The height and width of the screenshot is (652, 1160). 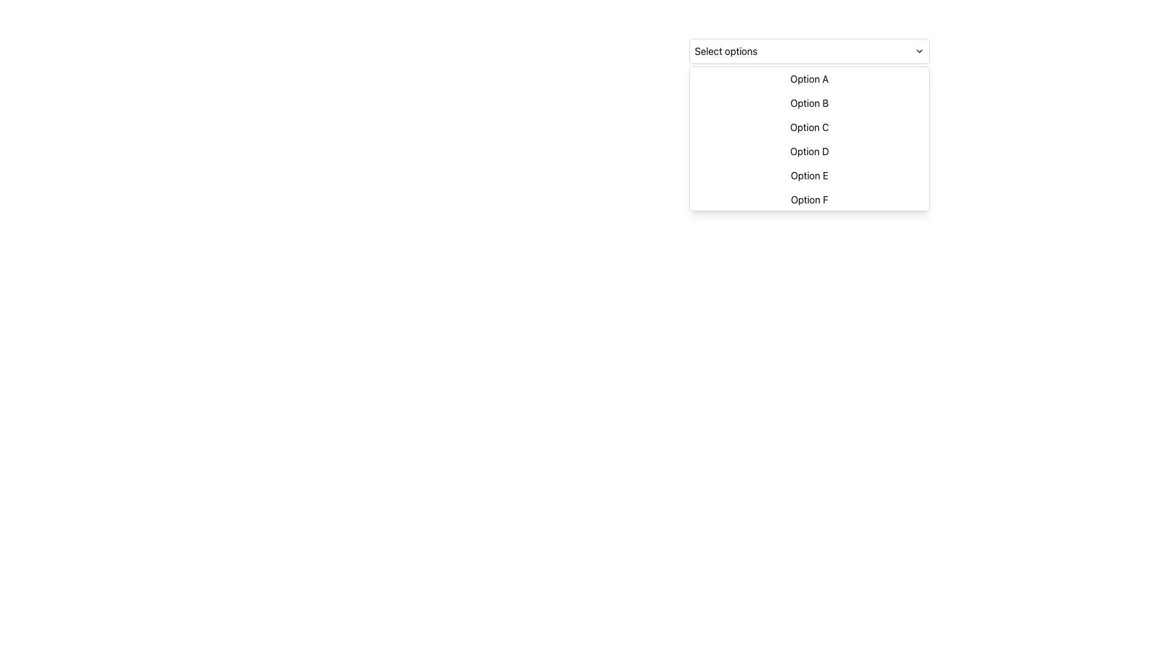 I want to click on the centrally located dropdown menu at the top of the layout, so click(x=809, y=50).